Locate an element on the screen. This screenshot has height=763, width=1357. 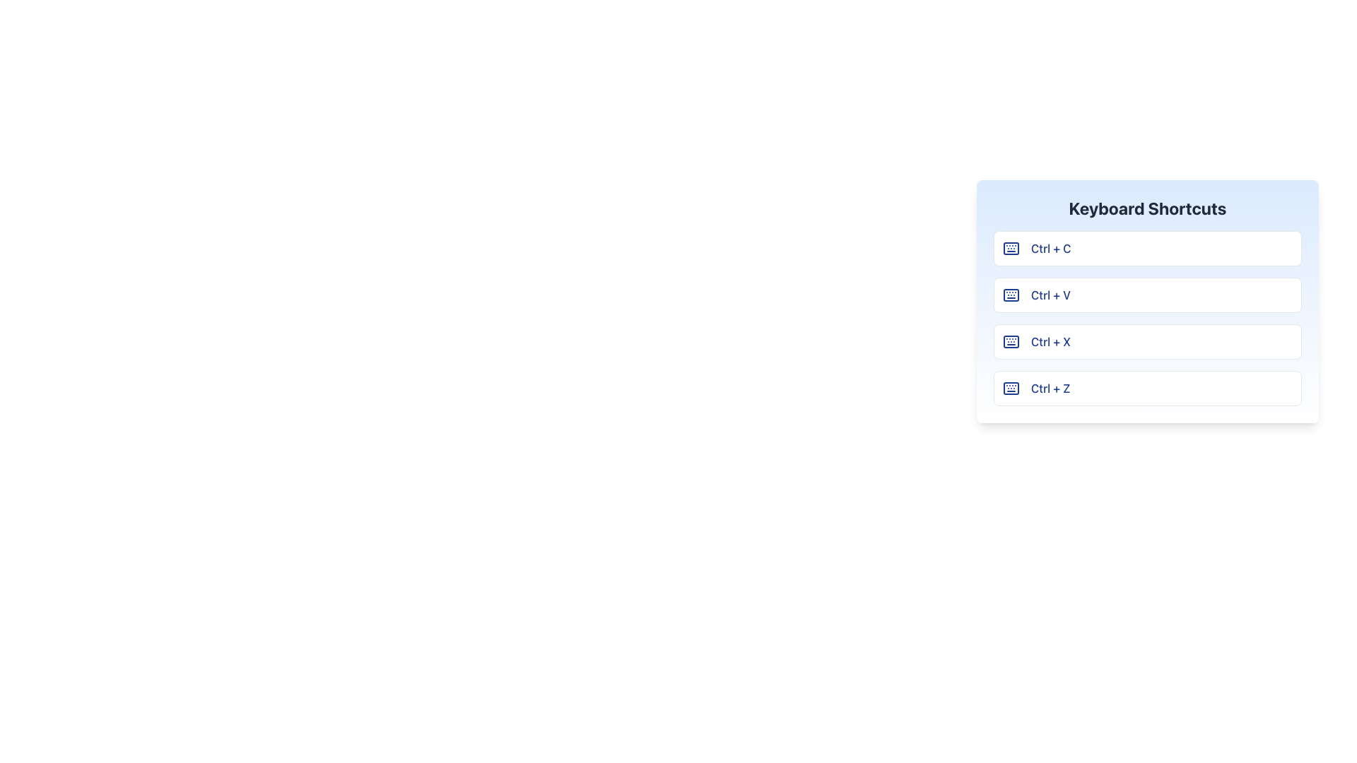
the text label displaying 'Ctrl + C', which is part of the keyboard shortcut listing next to a small keyboard icon on the left side is located at coordinates (1051, 247).